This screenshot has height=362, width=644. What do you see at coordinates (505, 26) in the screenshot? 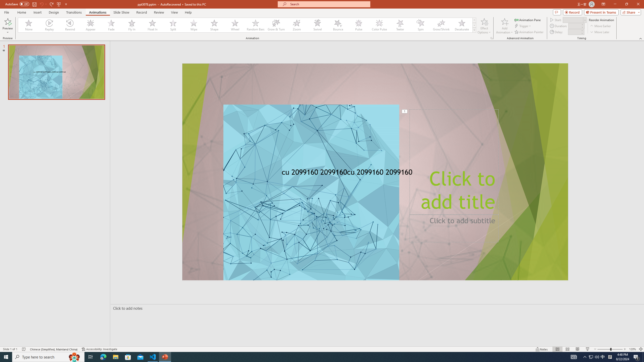
I see `'Add Animation'` at bounding box center [505, 26].